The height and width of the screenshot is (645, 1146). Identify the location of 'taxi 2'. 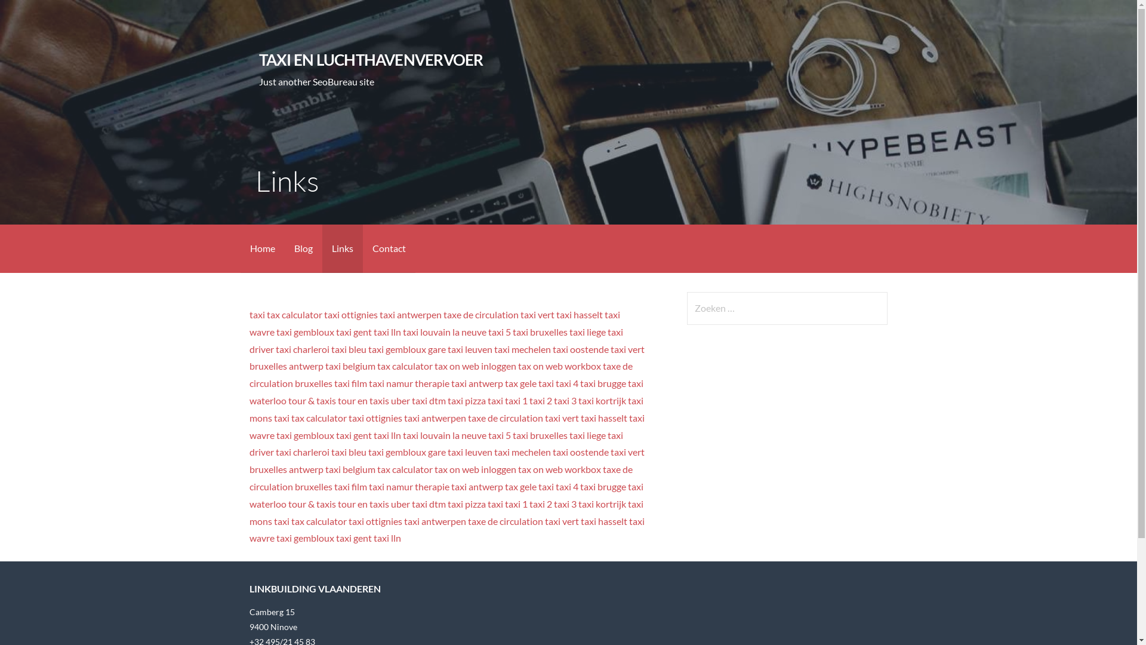
(540, 400).